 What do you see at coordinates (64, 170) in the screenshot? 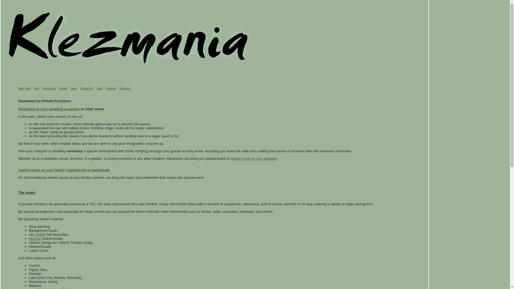
I see `'Jewish music at your family's barmitzvah or batmitzvah'` at bounding box center [64, 170].